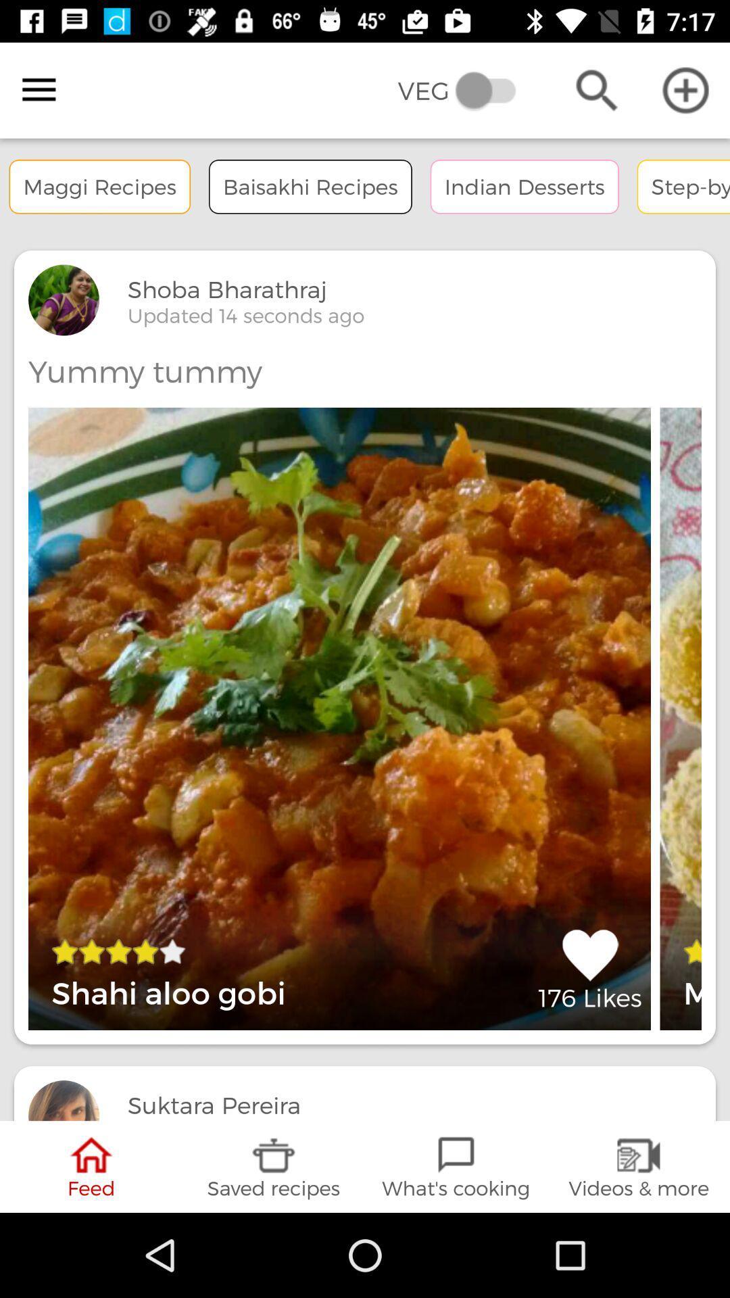  Describe the element at coordinates (91, 1166) in the screenshot. I see `feed icon` at that location.